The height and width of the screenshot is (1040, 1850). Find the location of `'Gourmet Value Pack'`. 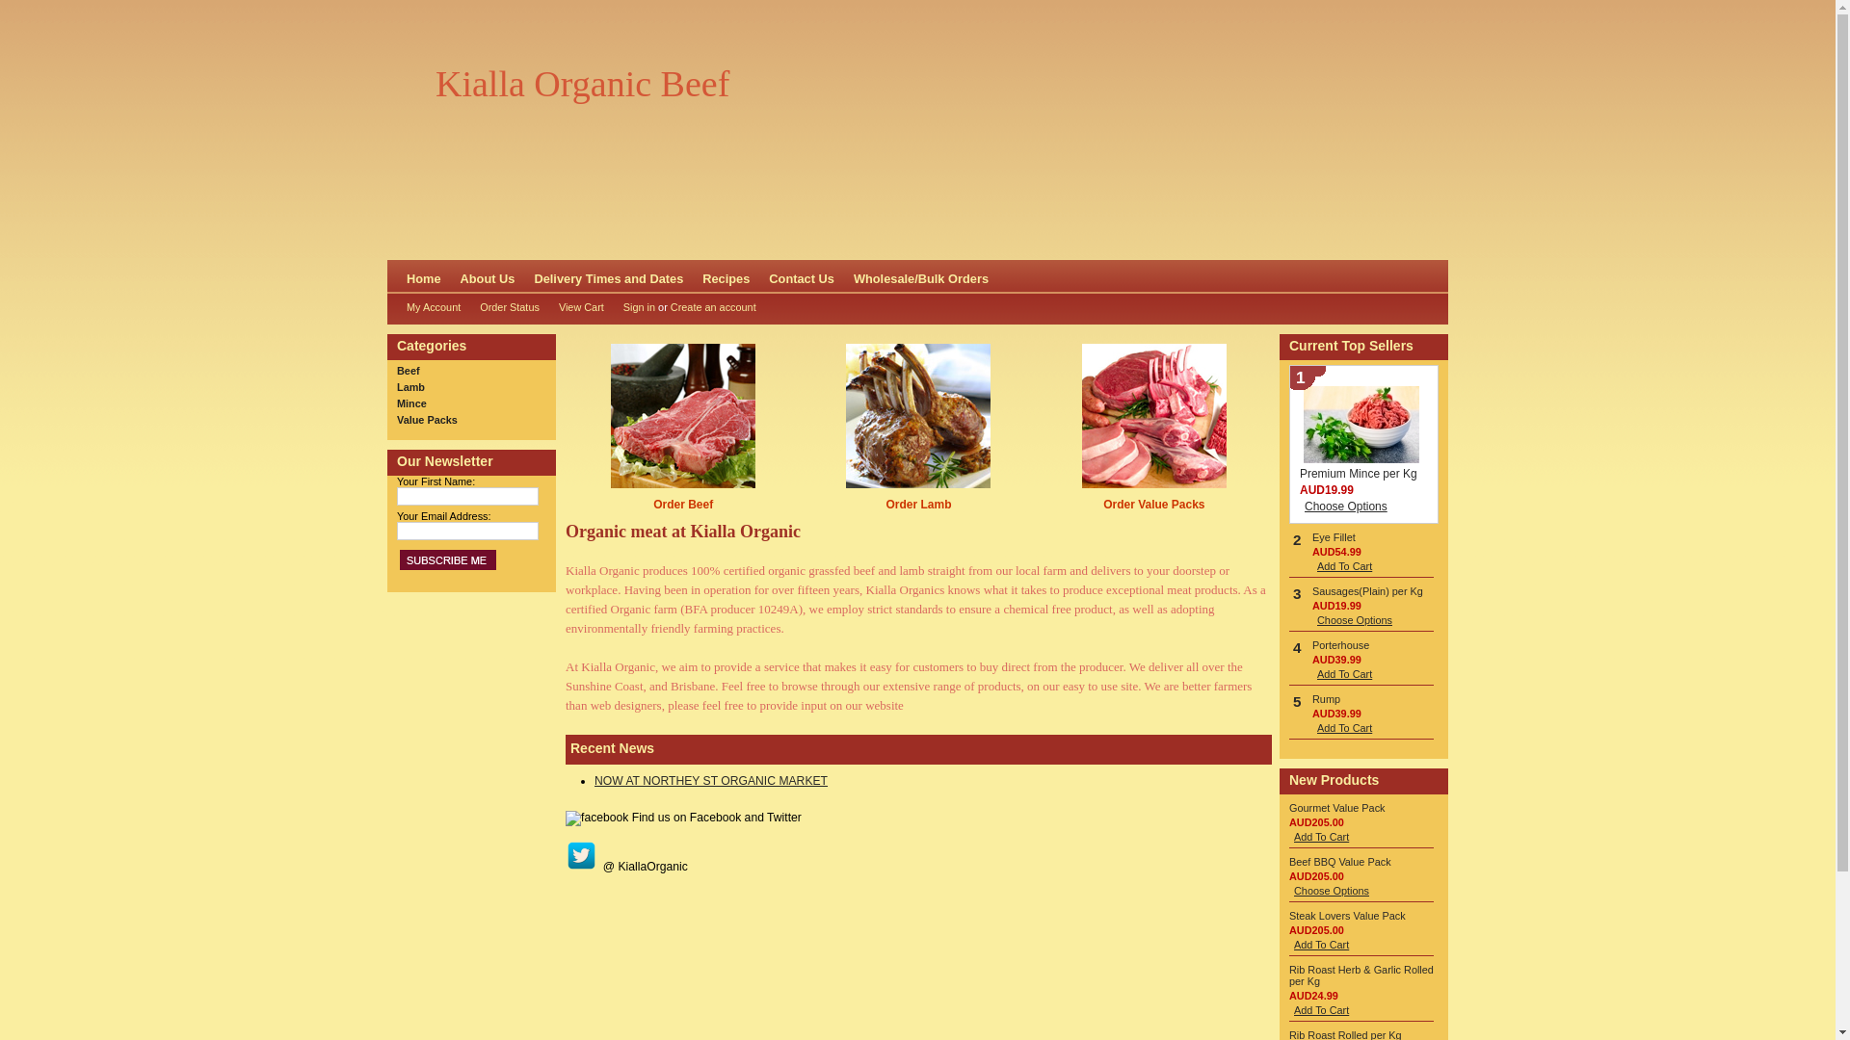

'Gourmet Value Pack' is located at coordinates (1289, 808).